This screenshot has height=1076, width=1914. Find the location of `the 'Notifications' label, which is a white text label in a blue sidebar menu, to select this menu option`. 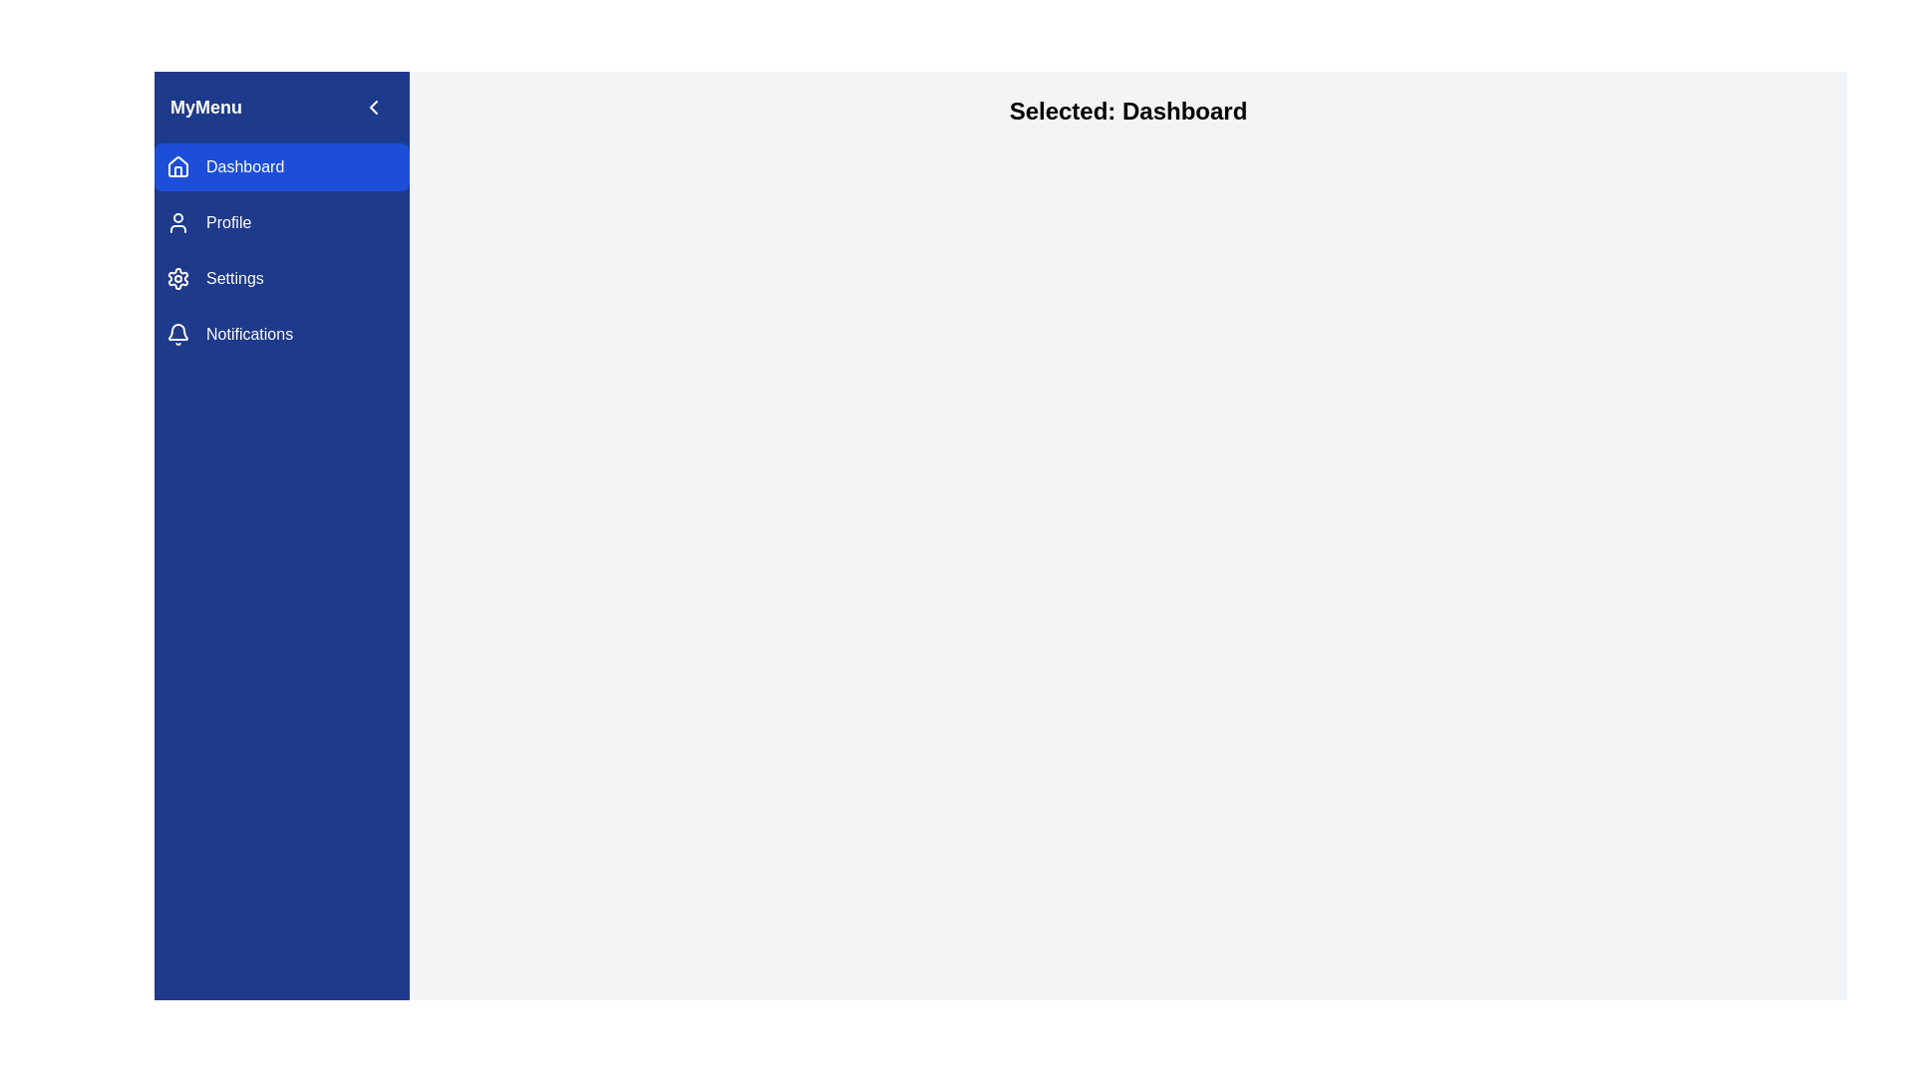

the 'Notifications' label, which is a white text label in a blue sidebar menu, to select this menu option is located at coordinates (248, 333).